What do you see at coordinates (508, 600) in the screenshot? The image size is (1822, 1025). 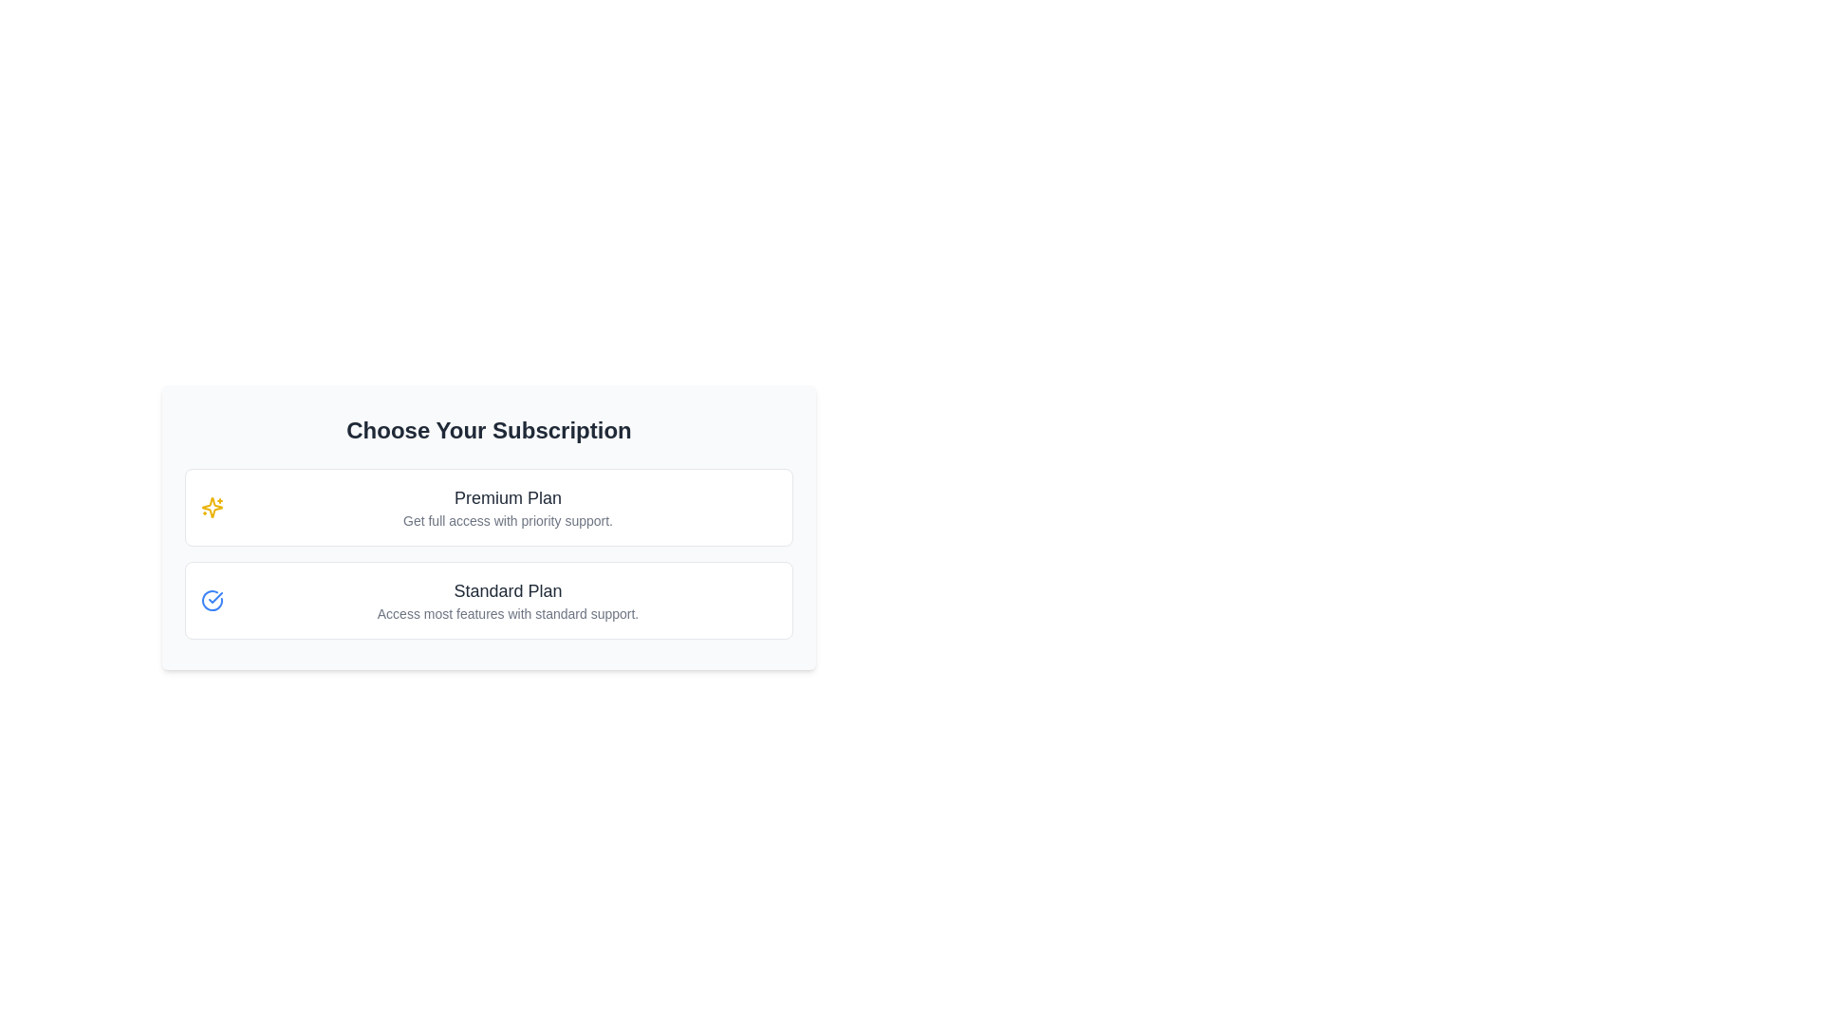 I see `the Informational text element for the Standard Plan subscription option located below the Premium Plan` at bounding box center [508, 600].